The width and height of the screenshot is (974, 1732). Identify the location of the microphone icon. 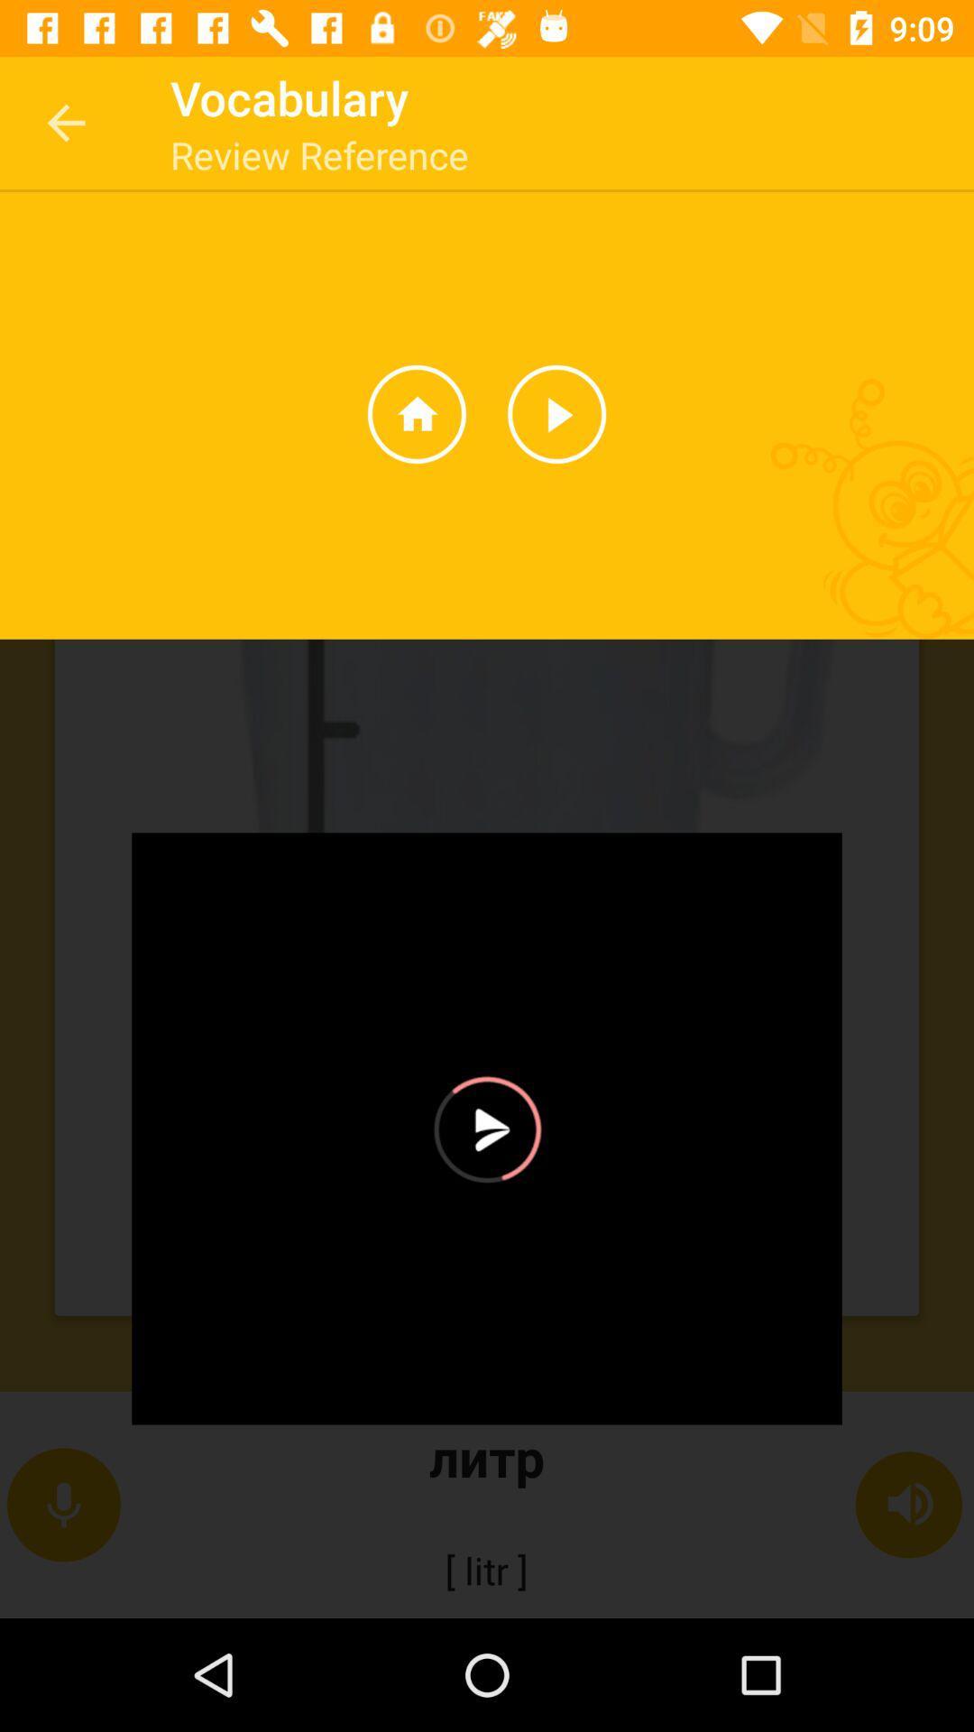
(62, 1505).